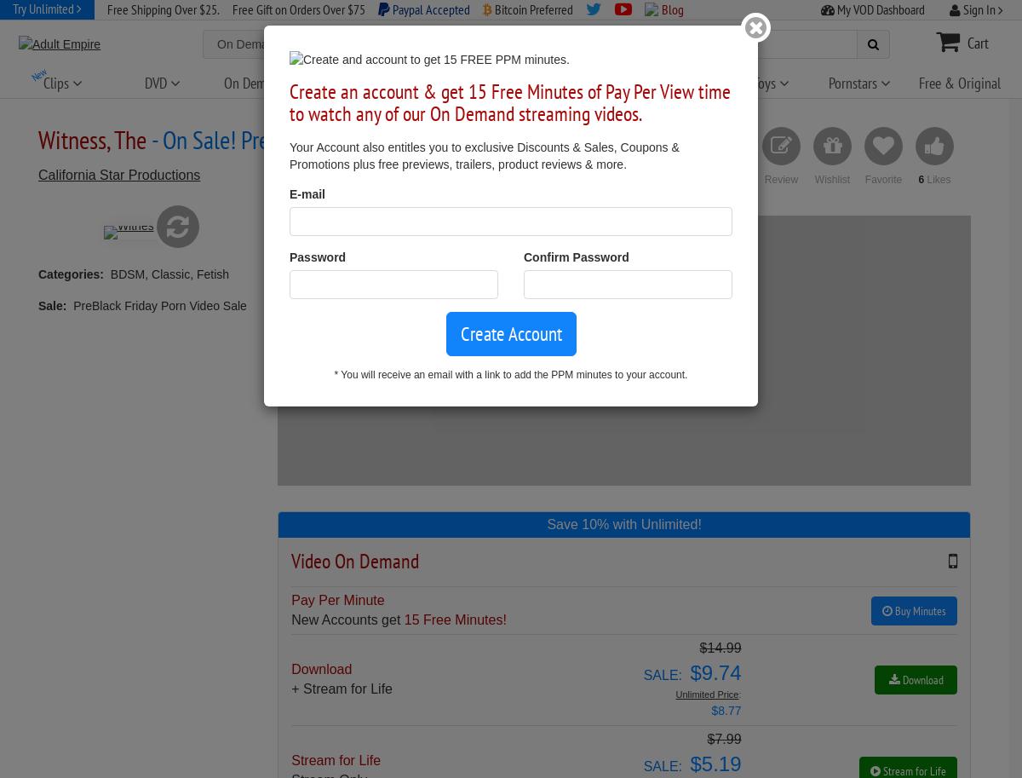 The image size is (1022, 778). What do you see at coordinates (317, 256) in the screenshot?
I see `'Password'` at bounding box center [317, 256].